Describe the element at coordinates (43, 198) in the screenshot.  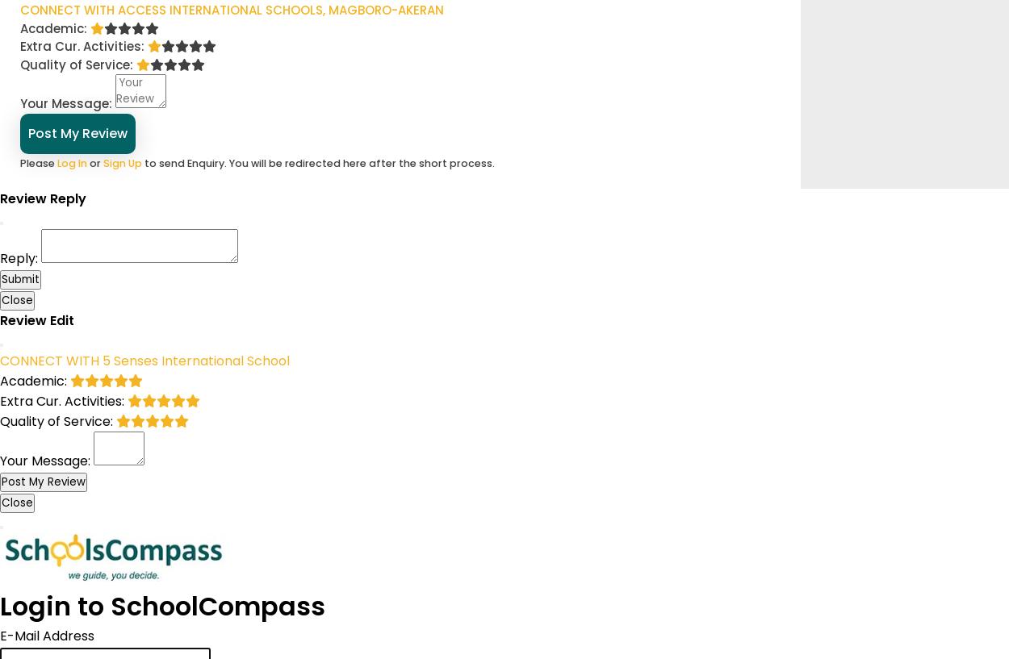
I see `'Review Reply'` at that location.